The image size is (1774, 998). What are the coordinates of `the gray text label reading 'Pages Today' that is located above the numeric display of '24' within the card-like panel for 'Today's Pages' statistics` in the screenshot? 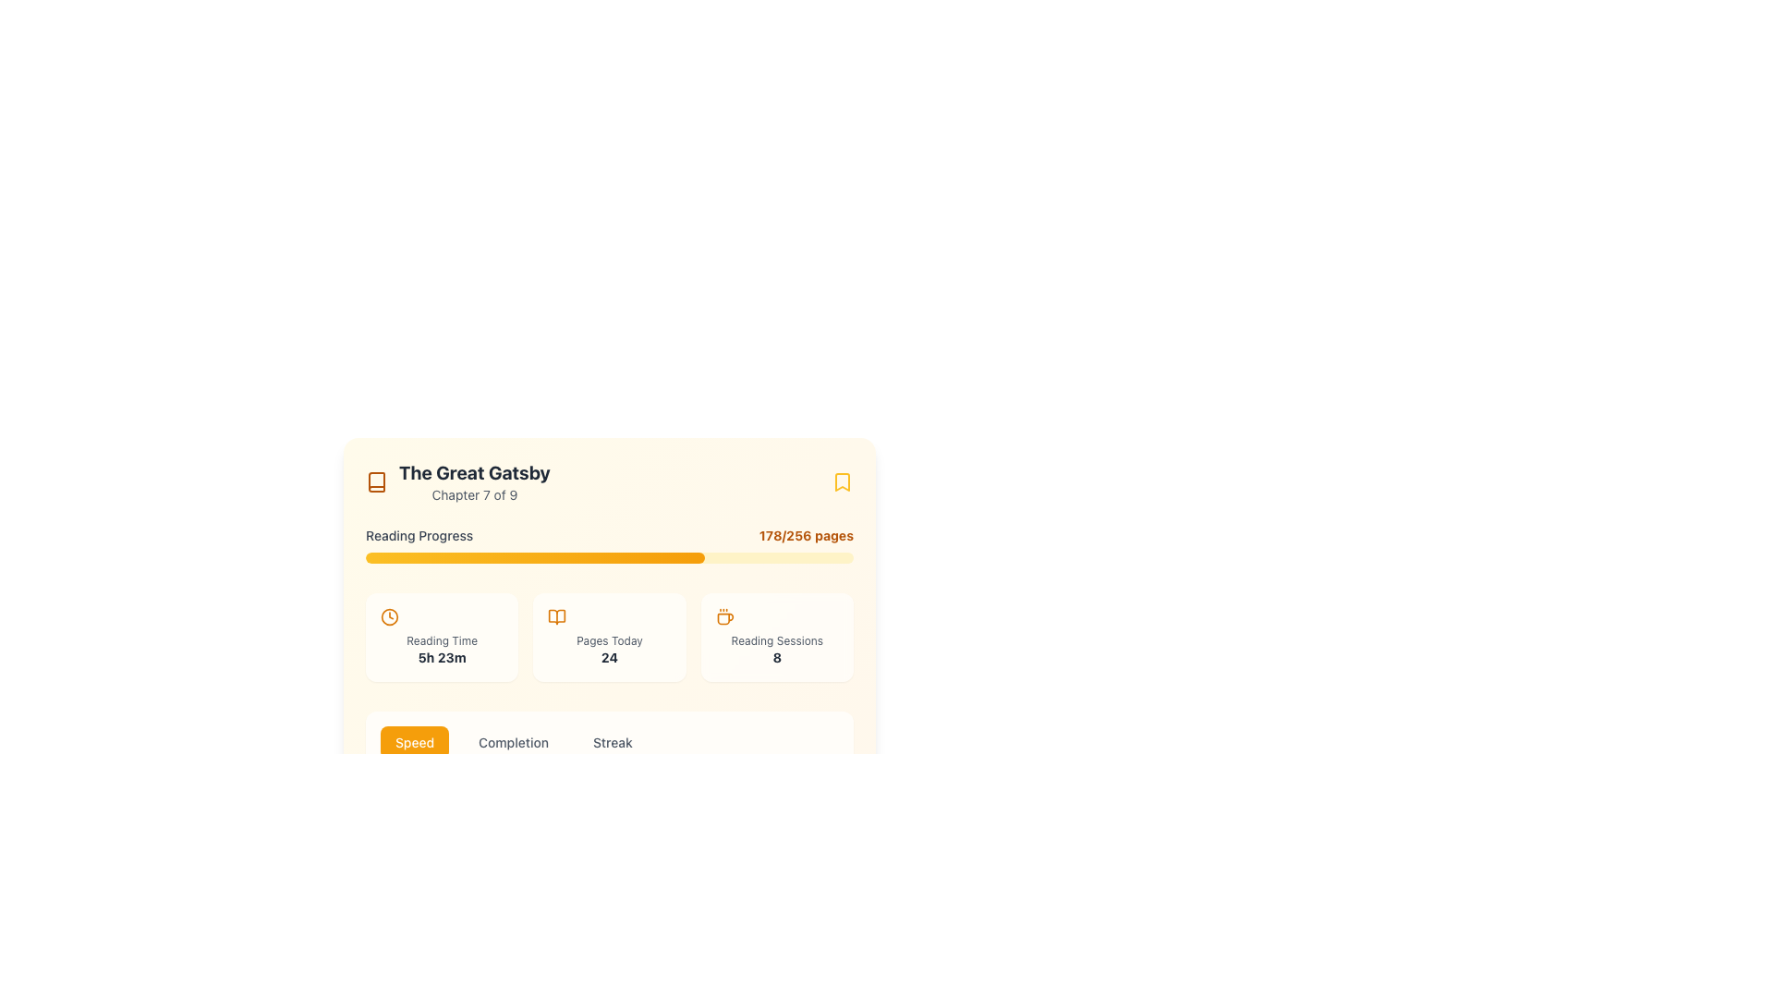 It's located at (609, 640).